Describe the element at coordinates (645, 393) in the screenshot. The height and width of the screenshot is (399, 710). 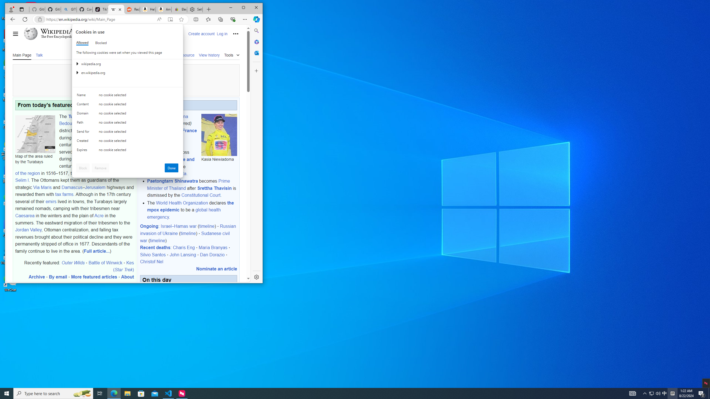
I see `'Notification Chevron'` at that location.